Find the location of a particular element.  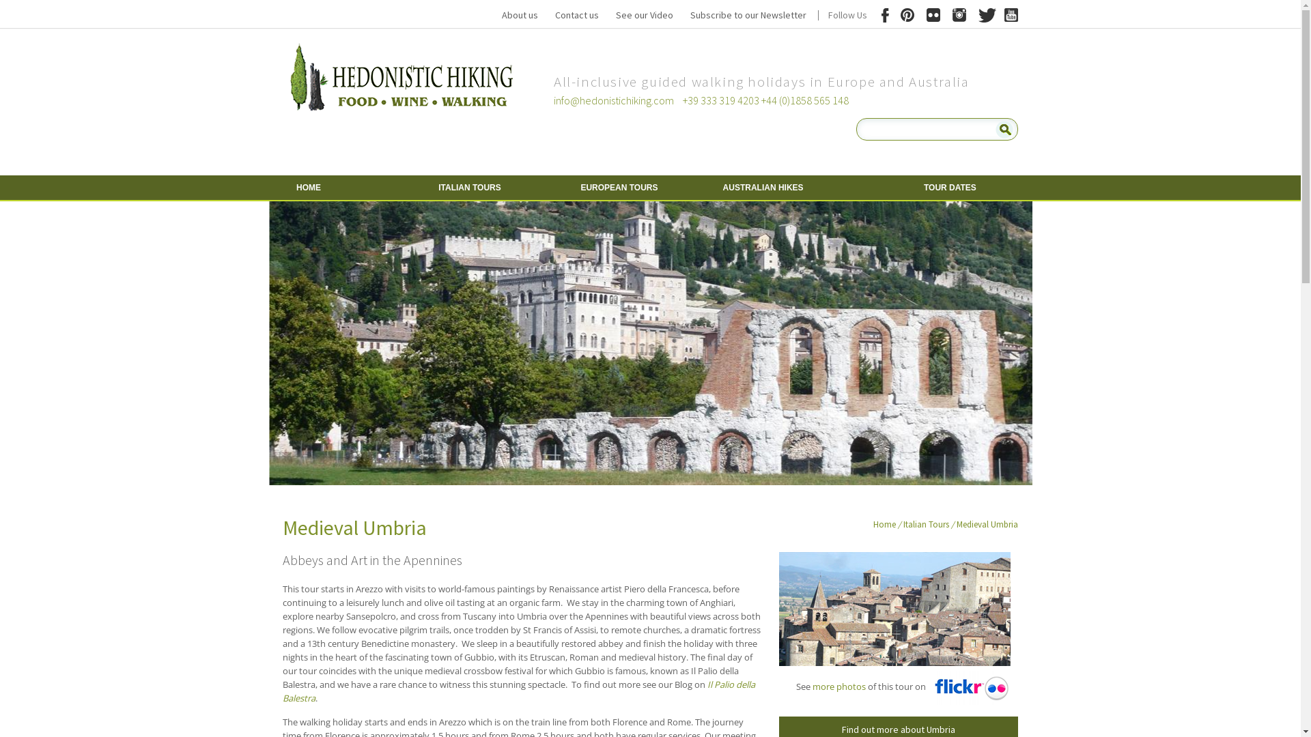

'TOUR DATES' is located at coordinates (914, 187).